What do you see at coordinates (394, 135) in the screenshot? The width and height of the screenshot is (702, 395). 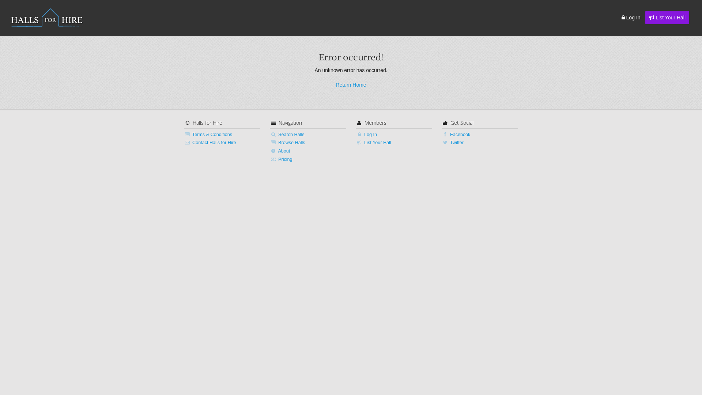 I see `'Log In'` at bounding box center [394, 135].